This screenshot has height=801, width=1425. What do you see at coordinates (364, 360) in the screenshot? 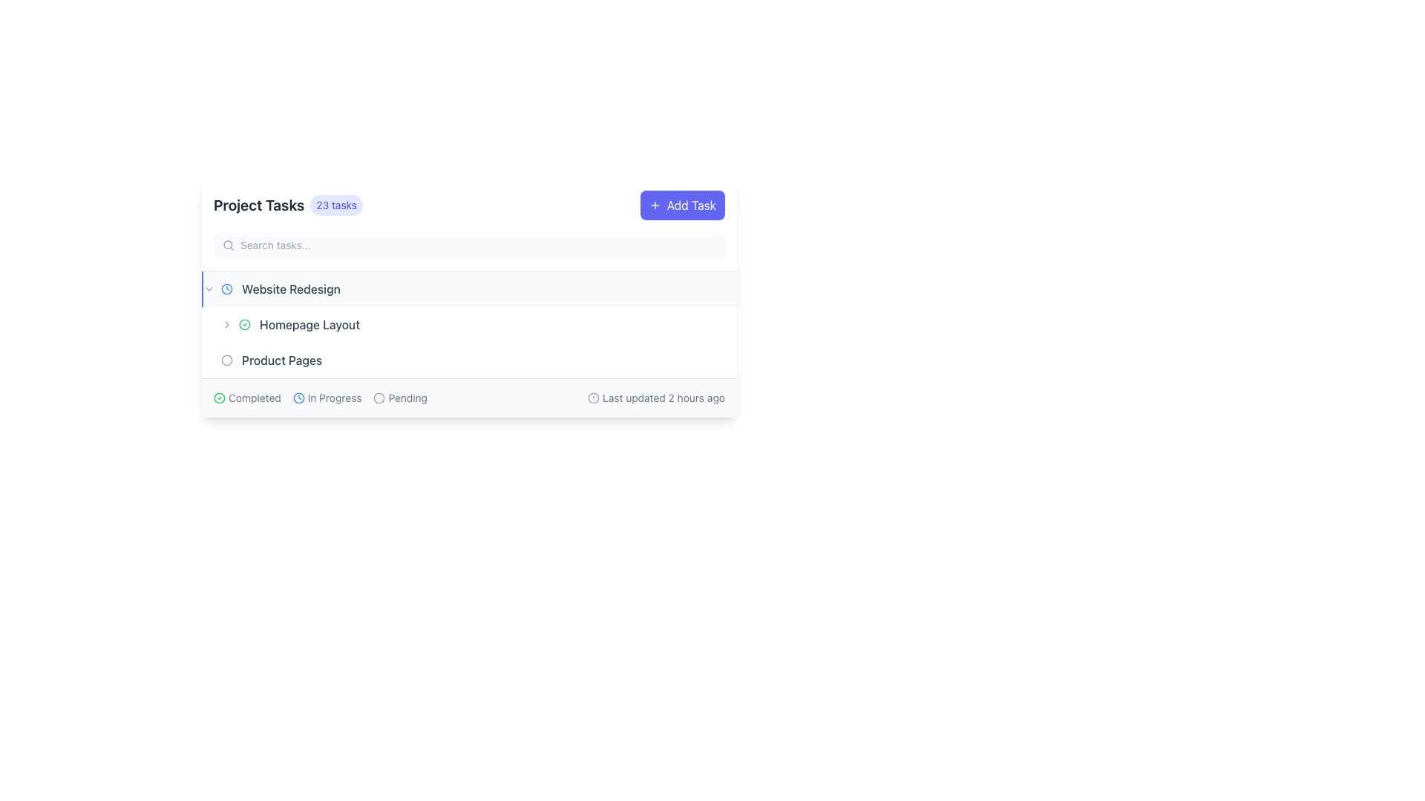
I see `the 'Product Pages' navigation link located below the 'Homepage Layout' header` at bounding box center [364, 360].